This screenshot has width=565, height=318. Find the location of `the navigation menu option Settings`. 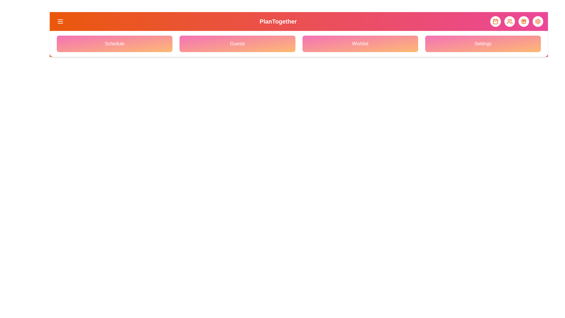

the navigation menu option Settings is located at coordinates (483, 44).